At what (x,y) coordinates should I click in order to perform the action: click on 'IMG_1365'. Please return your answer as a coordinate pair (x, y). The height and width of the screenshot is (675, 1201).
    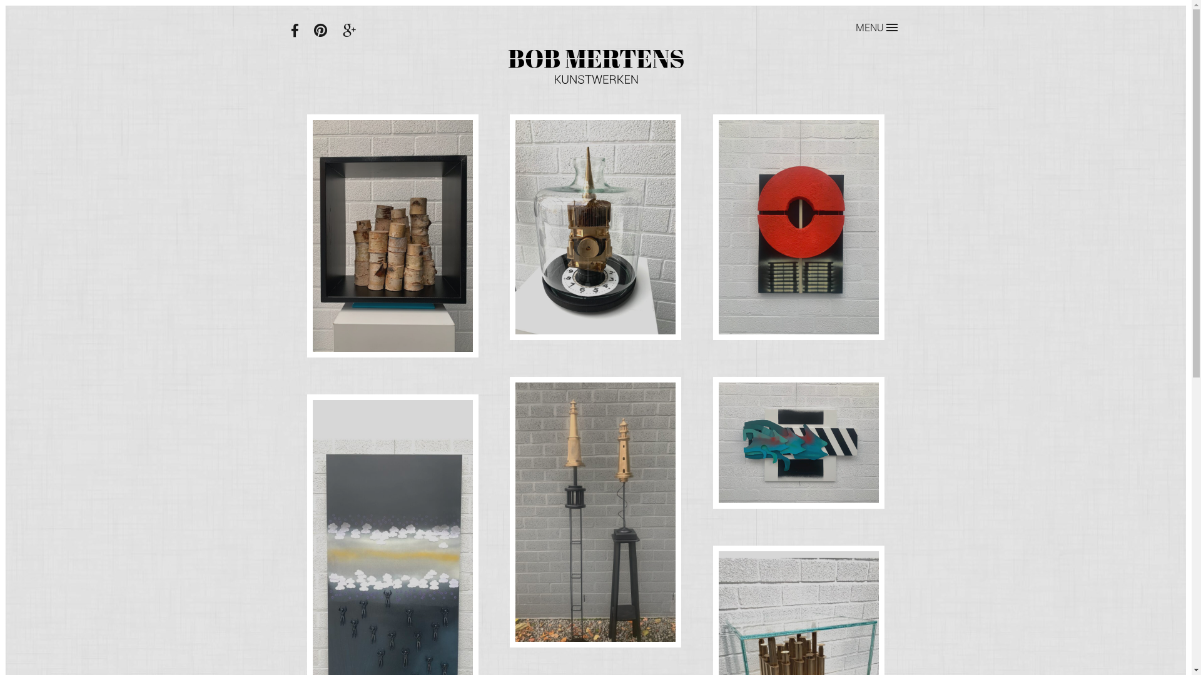
    Looking at the image, I should click on (798, 226).